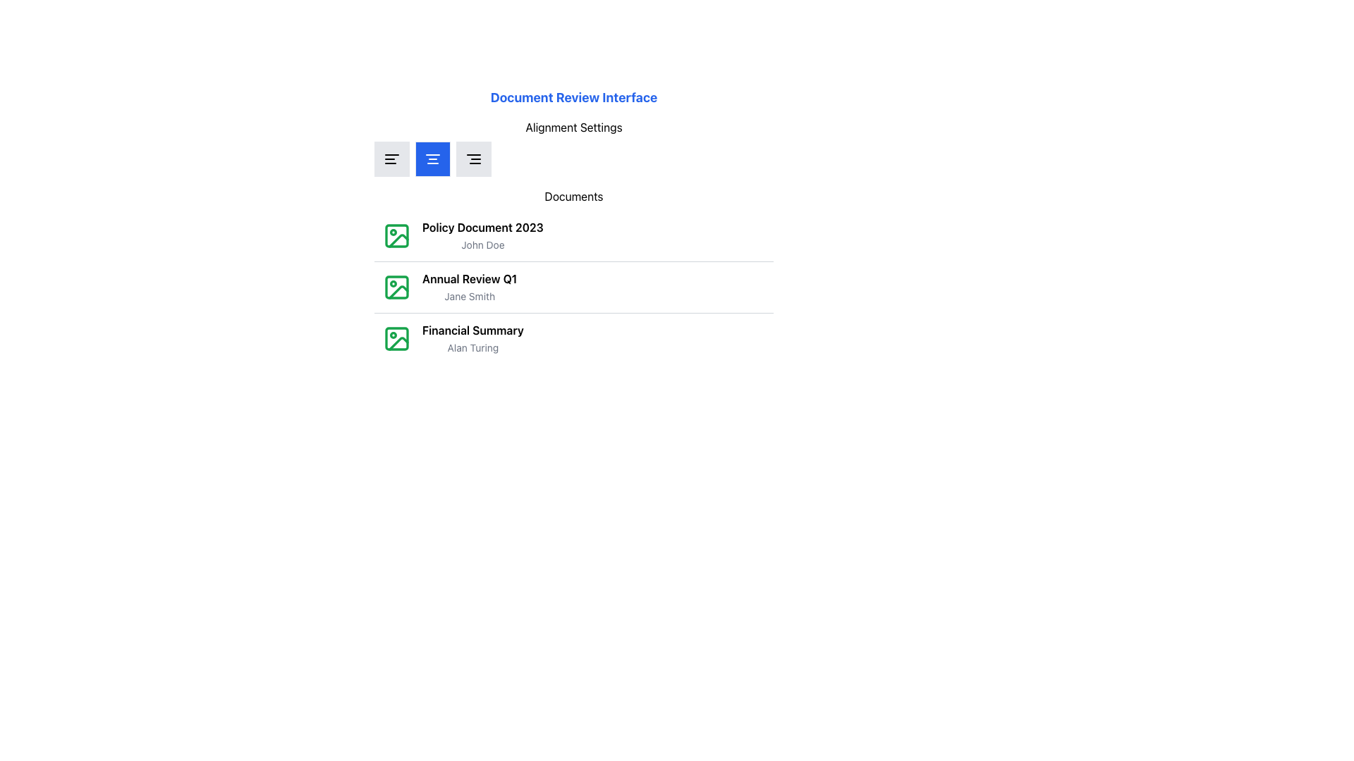 This screenshot has height=761, width=1354. I want to click on the Interactive List Item labeled 'Annual Review Q1', so click(574, 286).